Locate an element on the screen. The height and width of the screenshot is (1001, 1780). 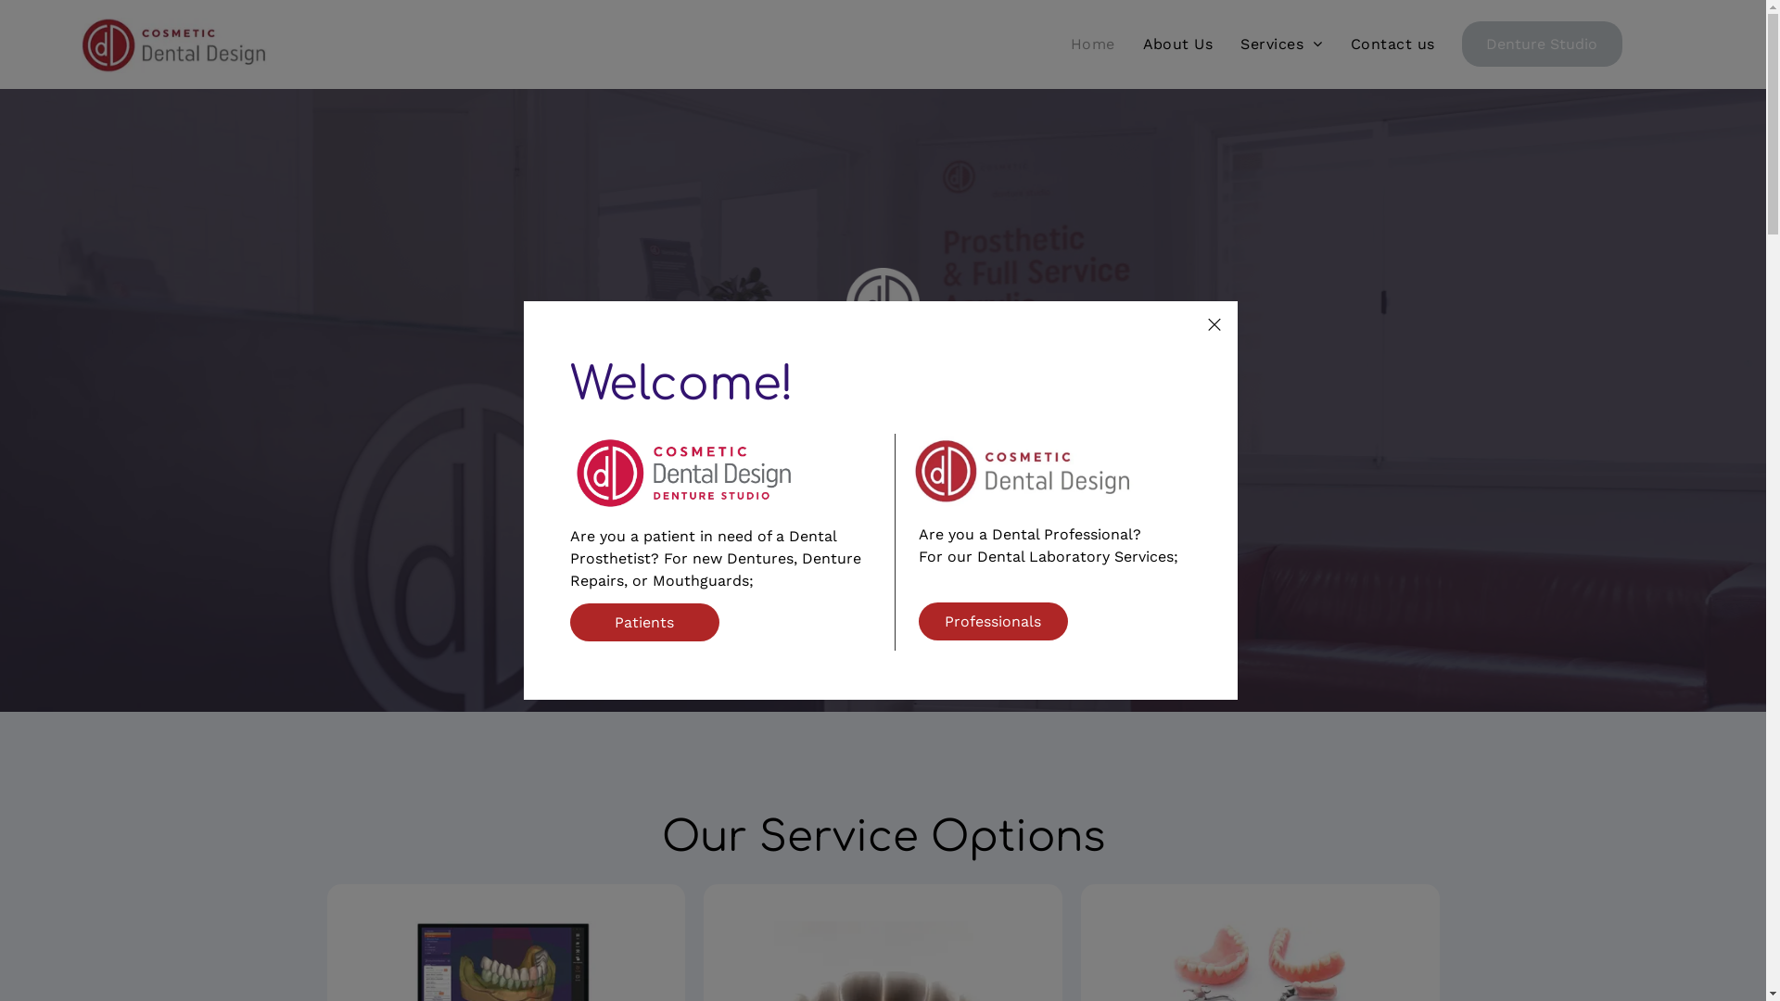
'Denture Studio' is located at coordinates (1461, 43).